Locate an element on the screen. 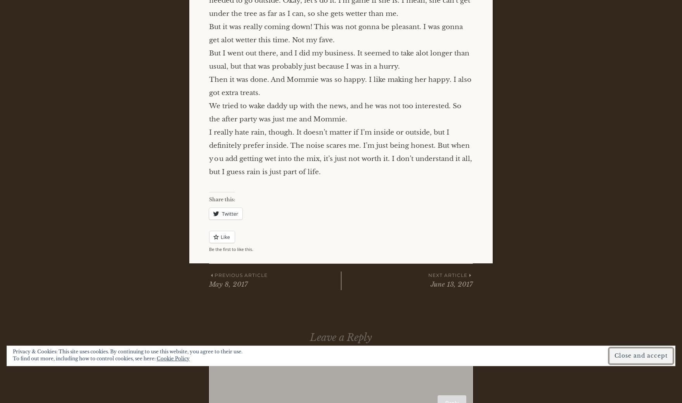 Image resolution: width=682 pixels, height=403 pixels. 'To find out more, including how to control cookies, see here:' is located at coordinates (84, 358).